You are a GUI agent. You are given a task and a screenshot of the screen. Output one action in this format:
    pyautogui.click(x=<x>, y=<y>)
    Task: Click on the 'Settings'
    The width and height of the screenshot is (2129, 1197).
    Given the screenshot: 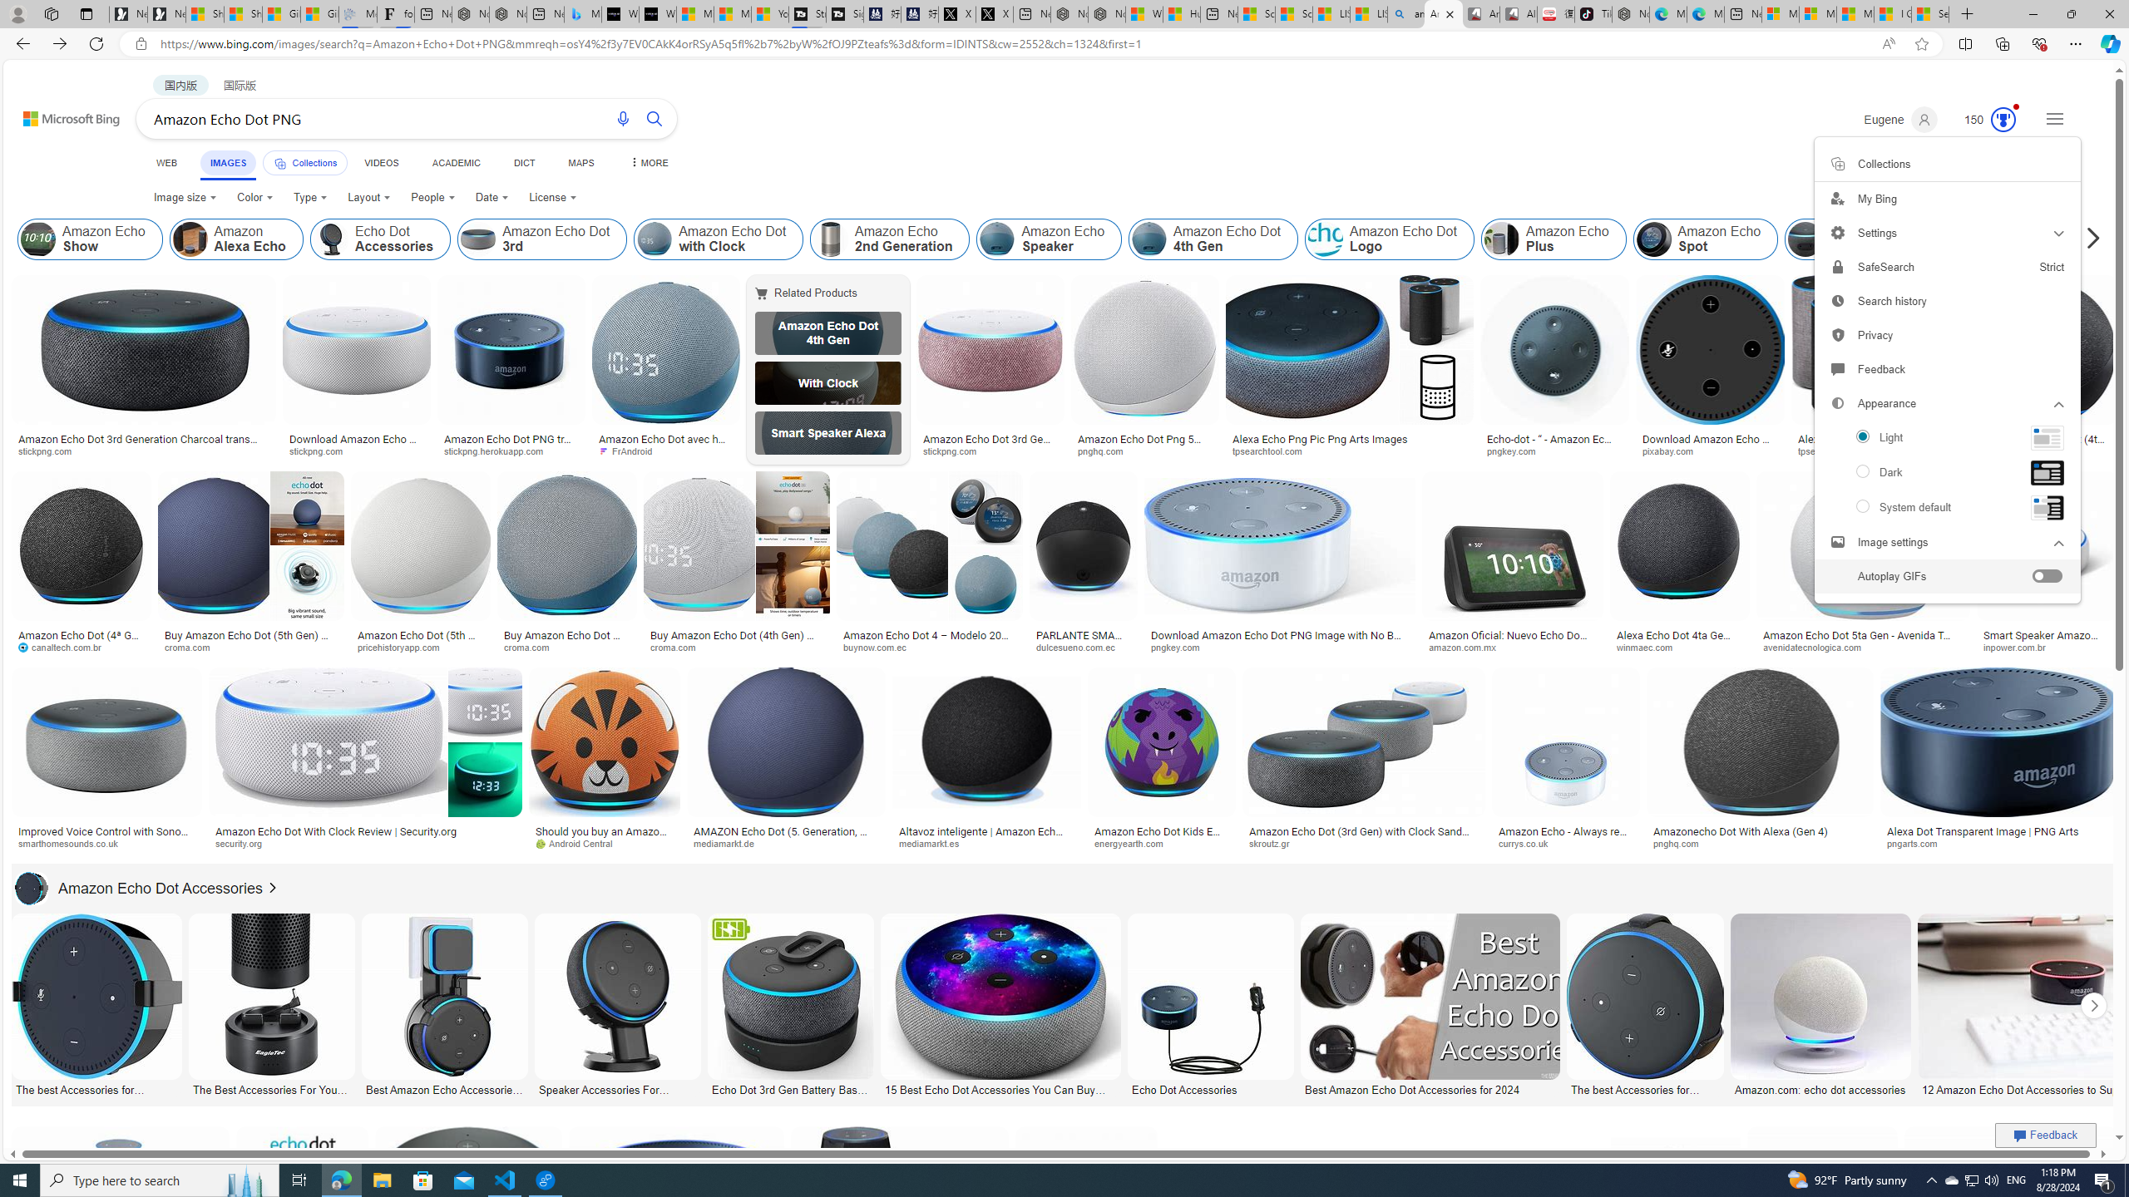 What is the action you would take?
    pyautogui.click(x=1946, y=232)
    